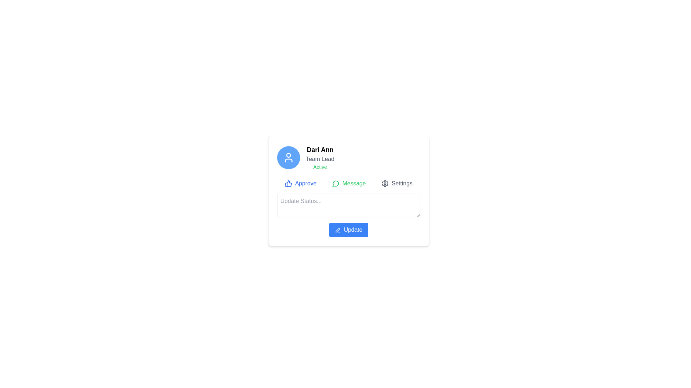  Describe the element at coordinates (306, 183) in the screenshot. I see `the 'Approve' text button, which is styled in blue and positioned next to a thumbs-up icon, to approve` at that location.